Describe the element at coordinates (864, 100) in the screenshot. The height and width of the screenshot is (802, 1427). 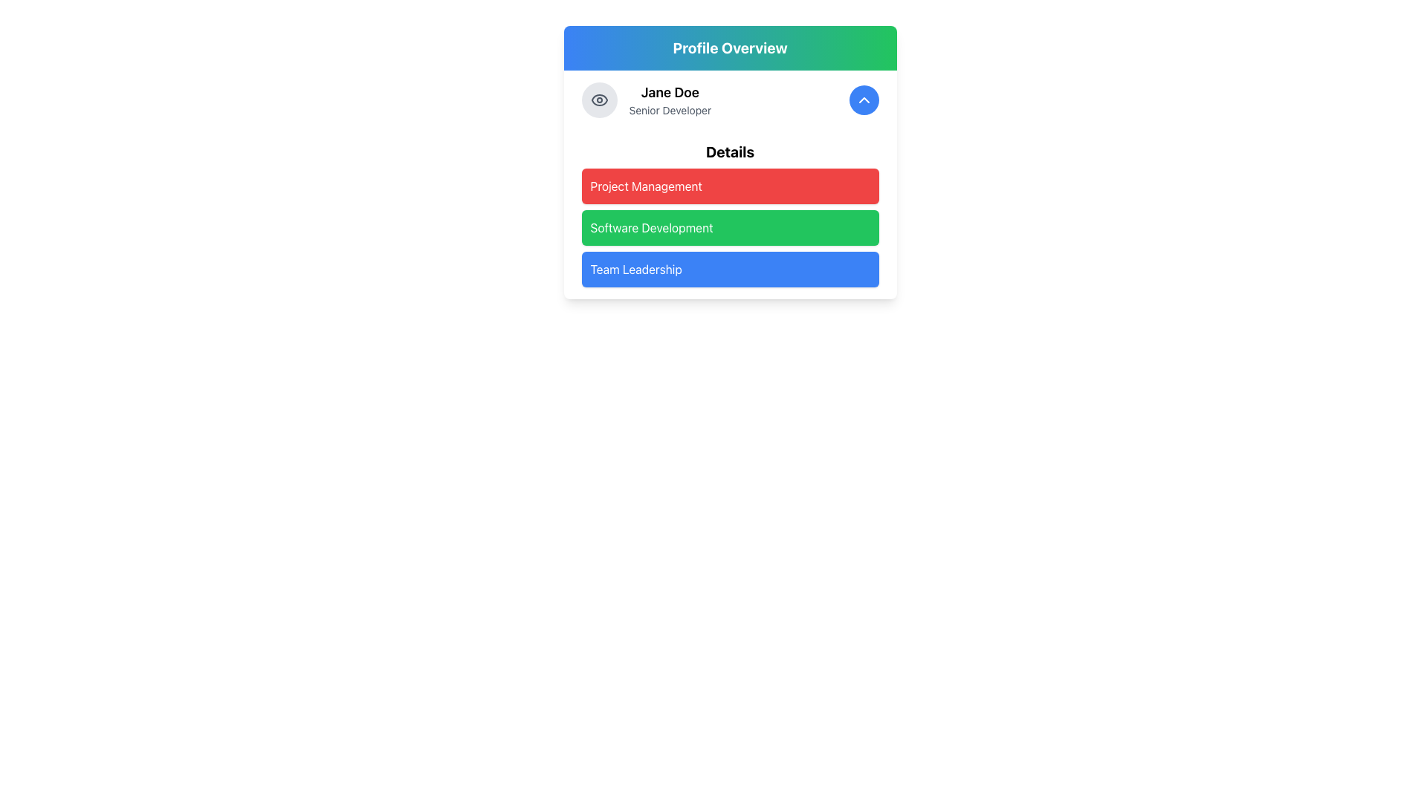
I see `the upward arrow icon located in the upper-right corner of the 'Profile Overview' card` at that location.